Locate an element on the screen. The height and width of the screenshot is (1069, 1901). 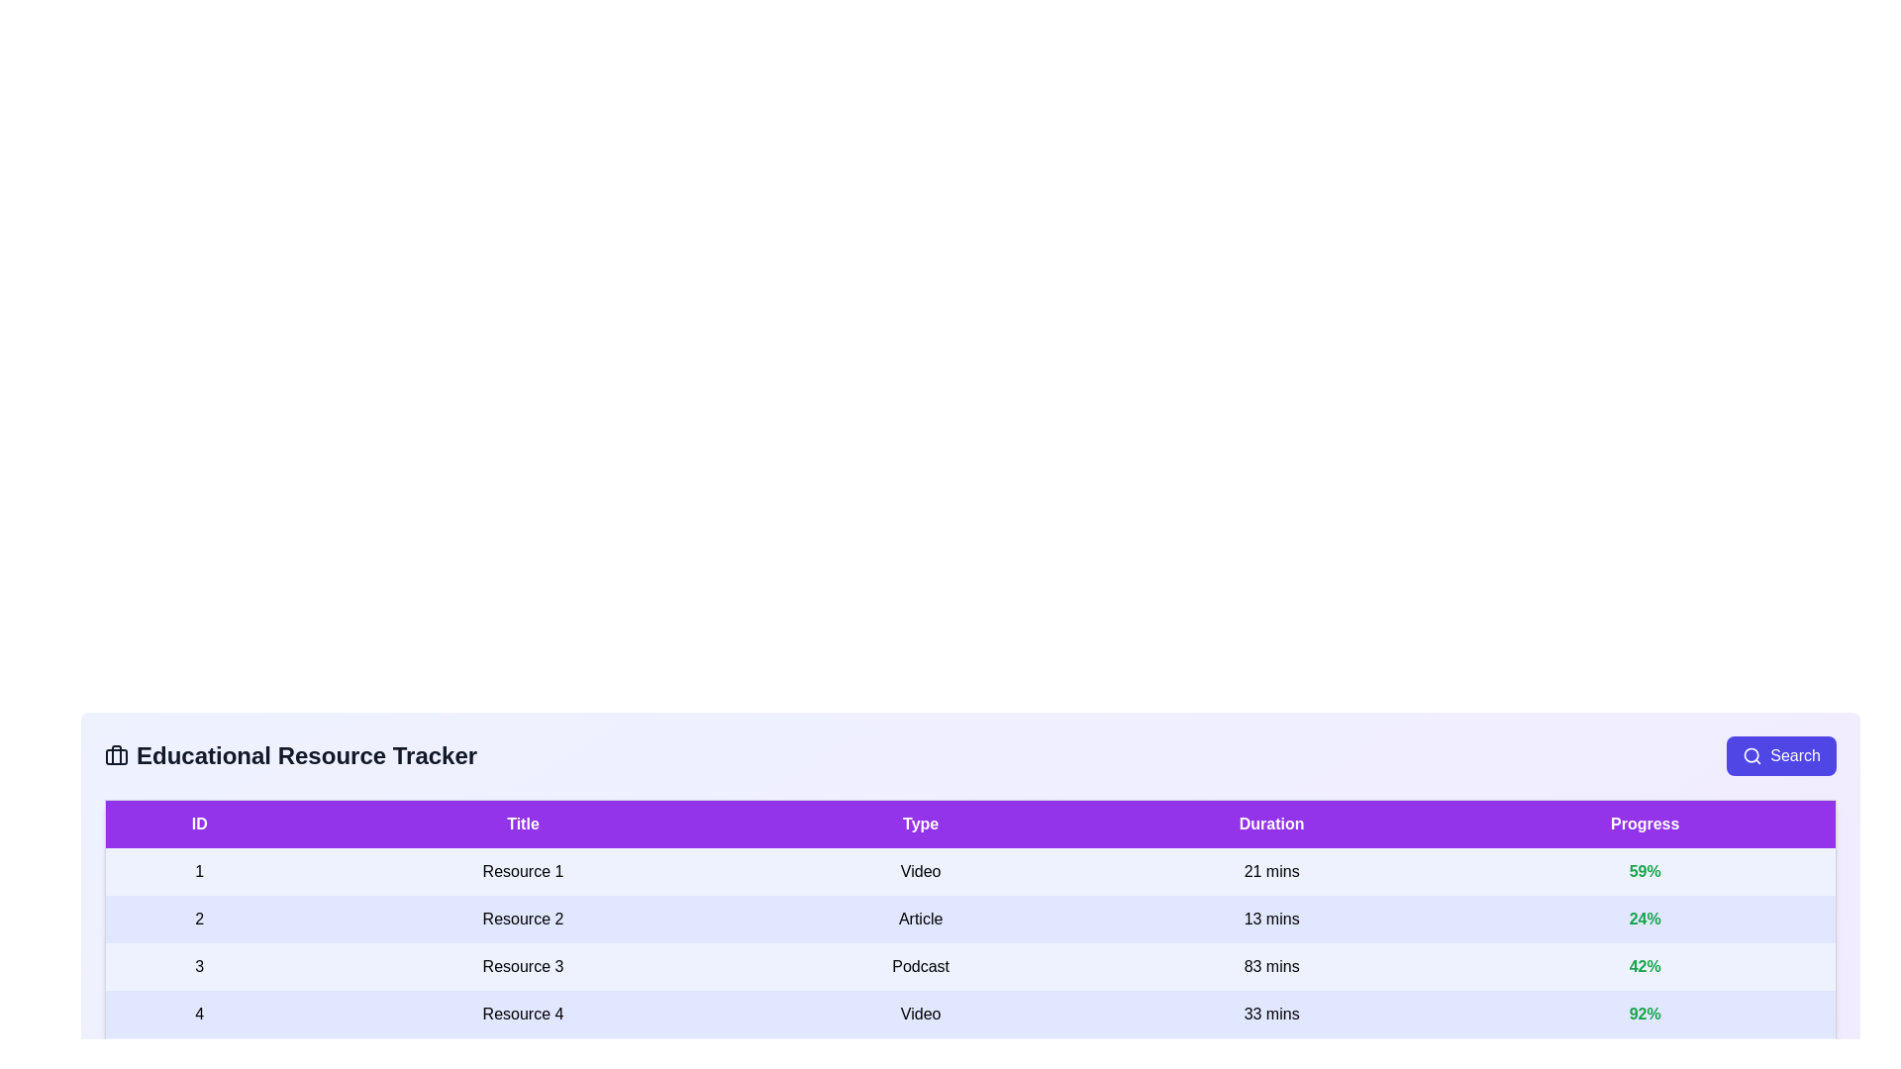
the column header ID to sort the resources by that column is located at coordinates (199, 824).